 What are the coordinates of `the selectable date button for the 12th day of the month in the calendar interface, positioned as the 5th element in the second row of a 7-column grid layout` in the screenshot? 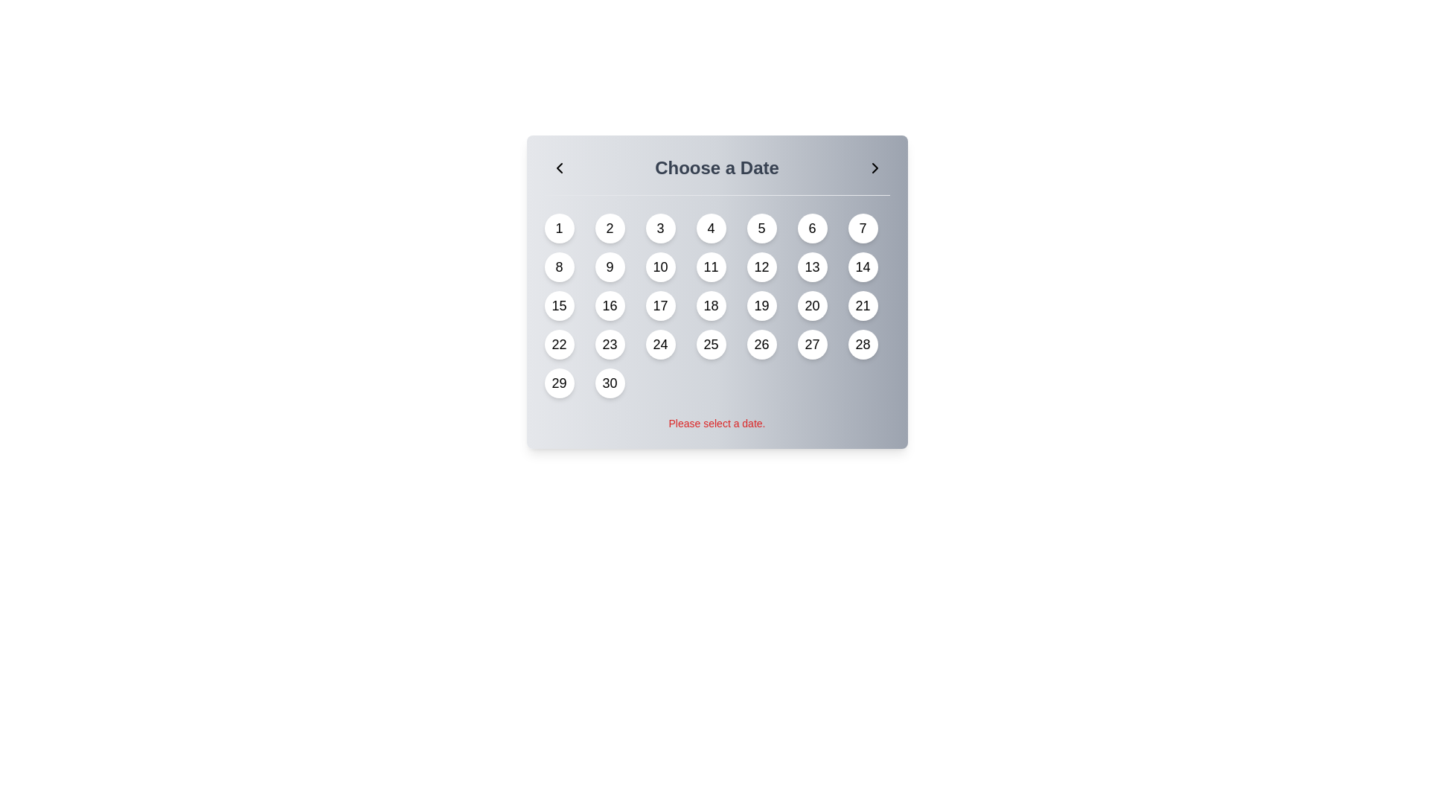 It's located at (761, 266).